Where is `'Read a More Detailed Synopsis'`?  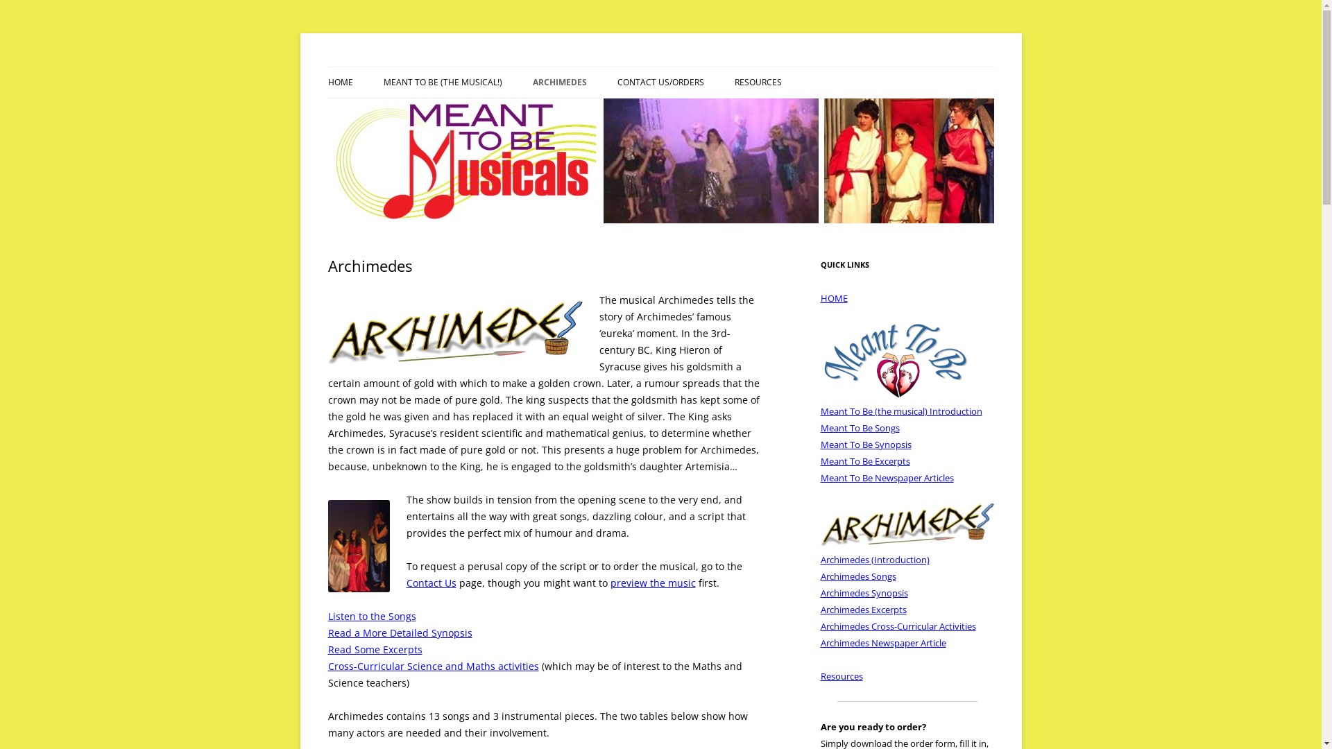 'Read a More Detailed Synopsis' is located at coordinates (326, 632).